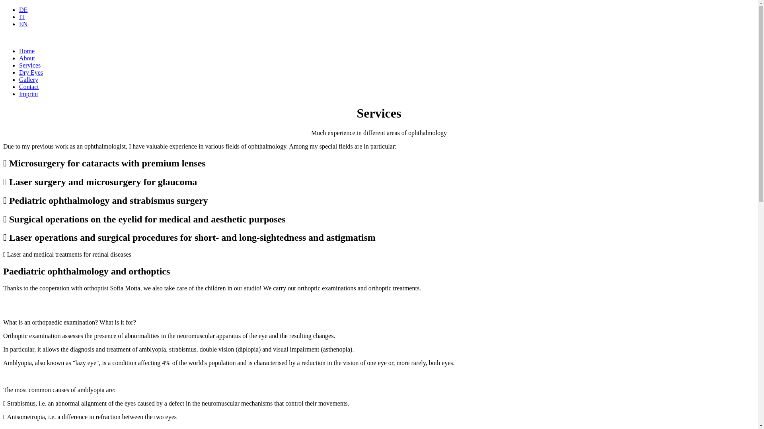  I want to click on 'DE', so click(23, 10).